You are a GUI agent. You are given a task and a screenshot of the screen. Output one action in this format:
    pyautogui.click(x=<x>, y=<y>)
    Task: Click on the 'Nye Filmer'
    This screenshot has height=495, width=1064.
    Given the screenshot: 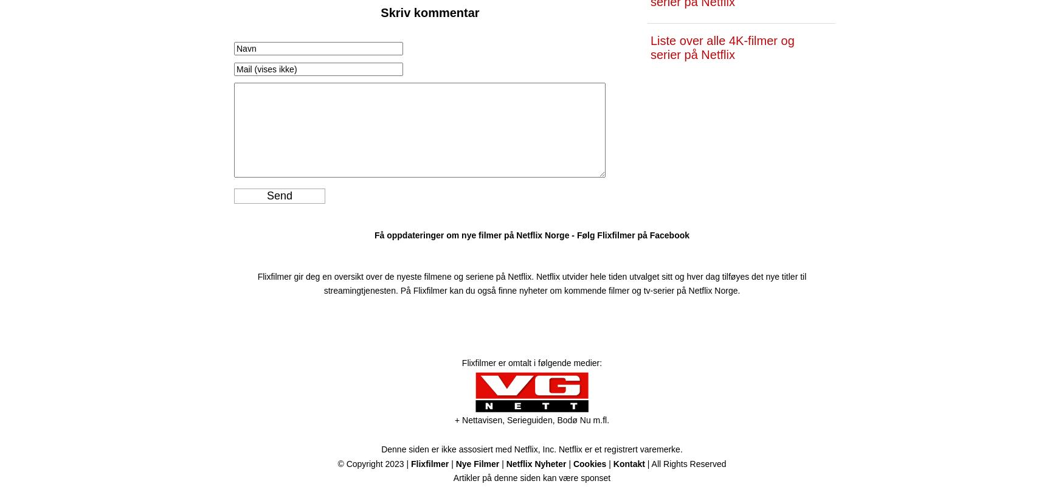 What is the action you would take?
    pyautogui.click(x=477, y=463)
    